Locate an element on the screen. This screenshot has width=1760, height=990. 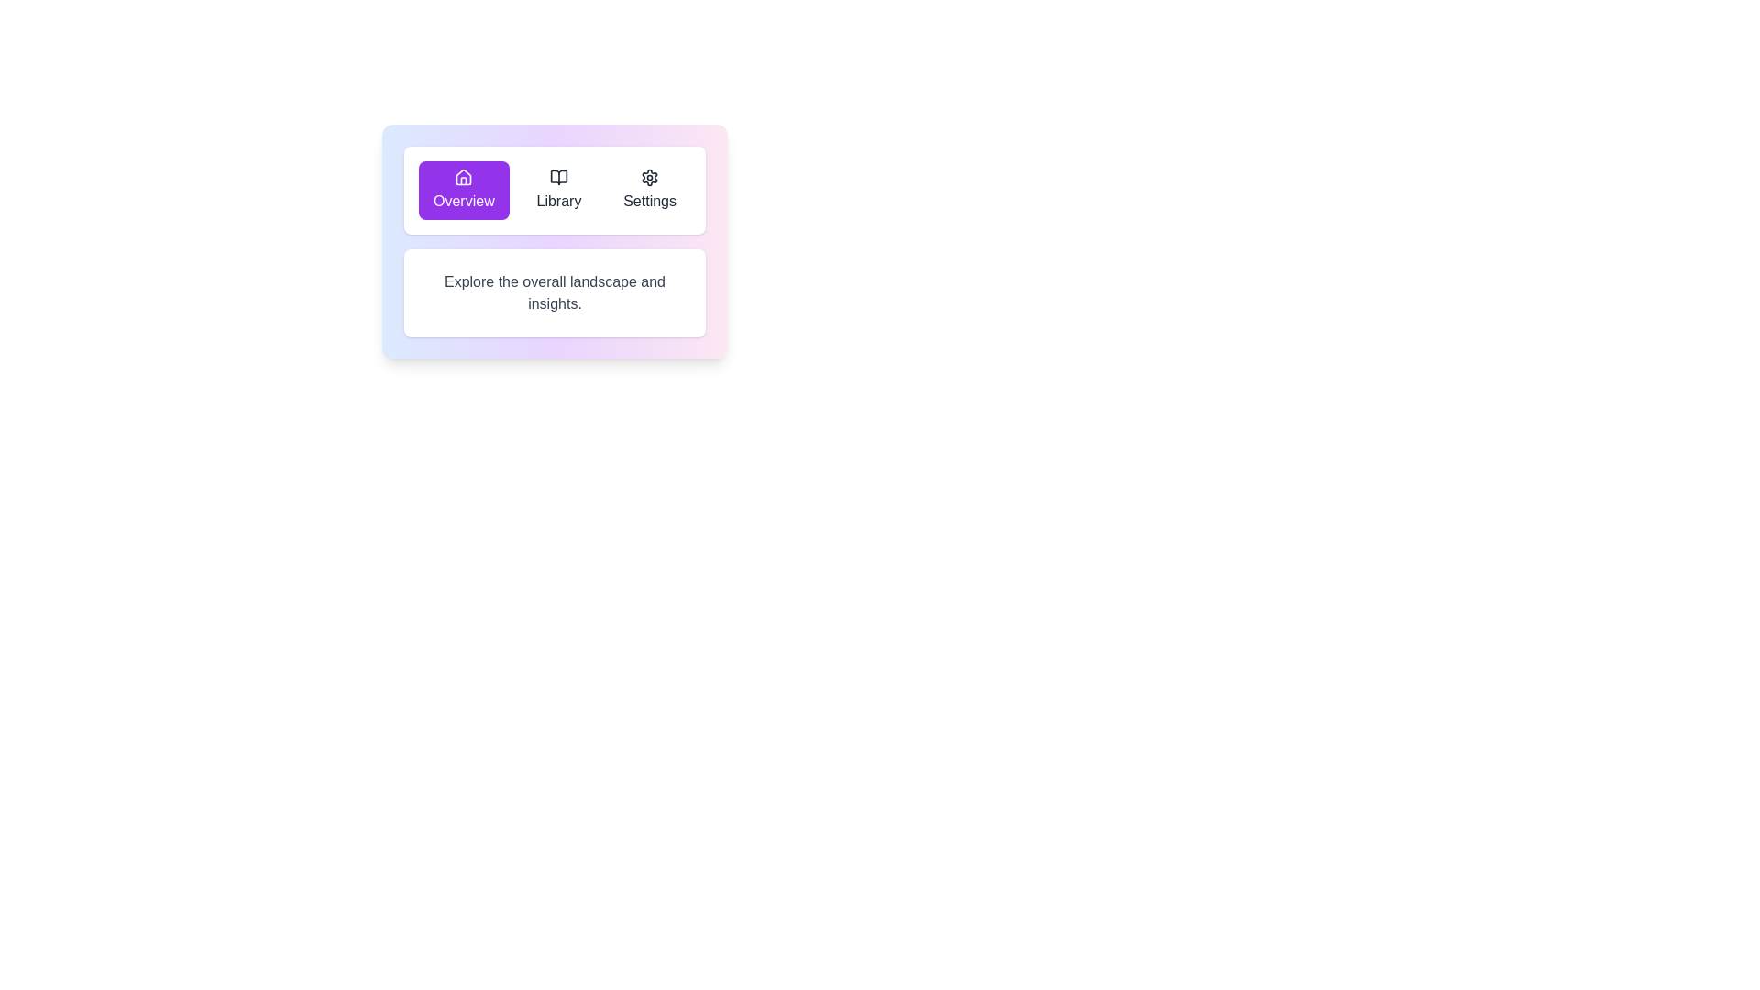
the 'Settings' text label located next to the gear icon in the navigation menu is located at coordinates (650, 201).